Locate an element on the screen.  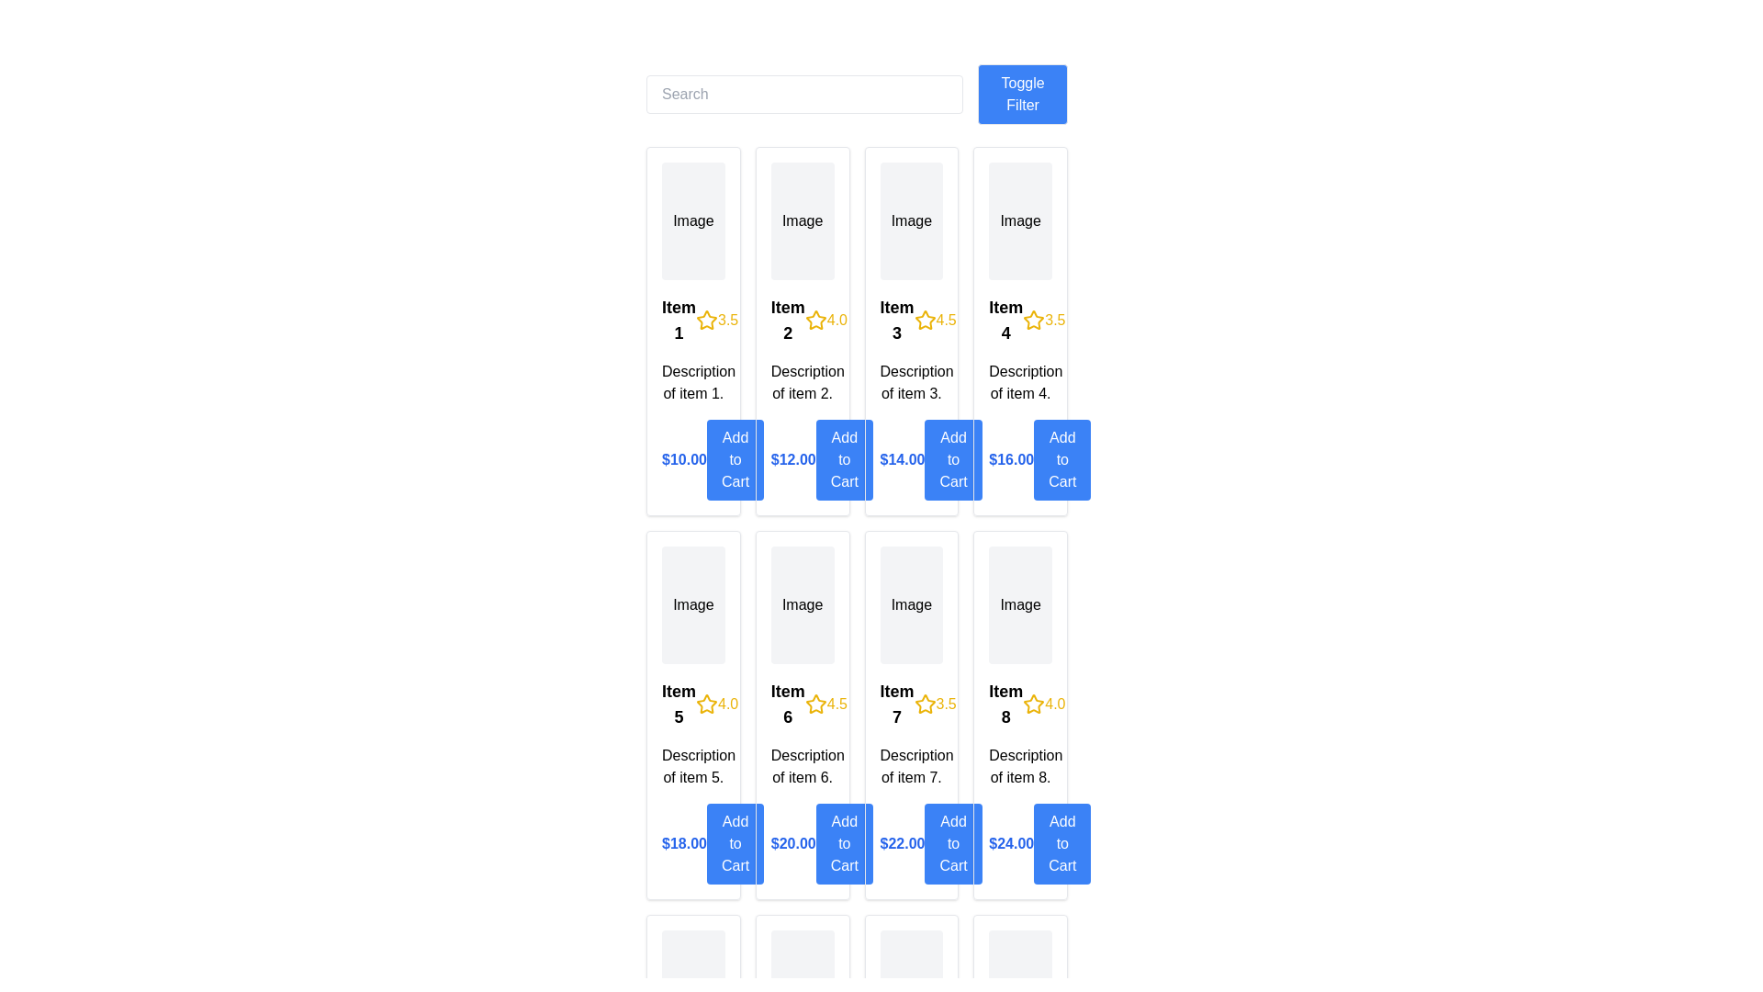
the leftmost star icon in the visual rating component for 'Item 1' located in the first row of products is located at coordinates (706, 319).